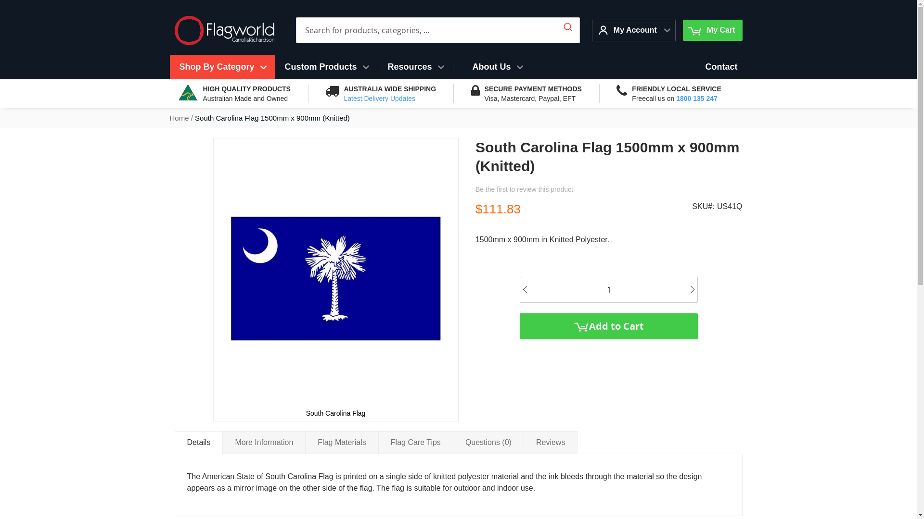  What do you see at coordinates (497, 66) in the screenshot?
I see `'About Us'` at bounding box center [497, 66].